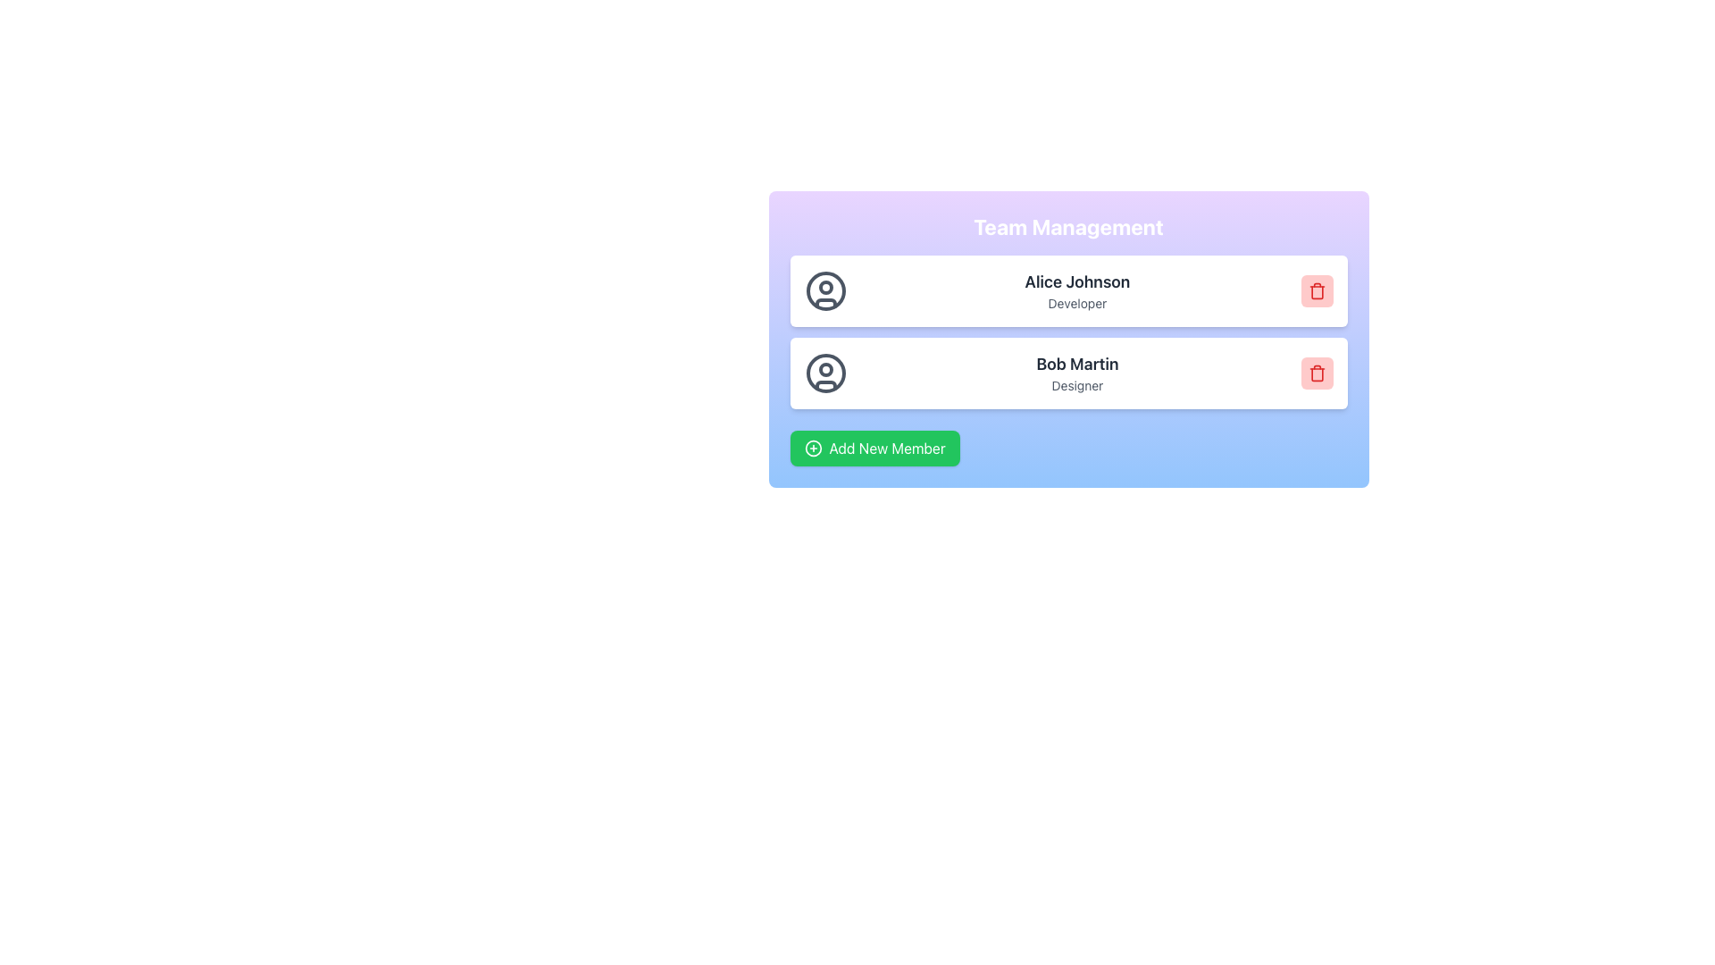 This screenshot has width=1715, height=965. I want to click on the Text label that describes the title associated with the person 'Bob Martin', located directly below the name in the user profile section, so click(1076, 385).